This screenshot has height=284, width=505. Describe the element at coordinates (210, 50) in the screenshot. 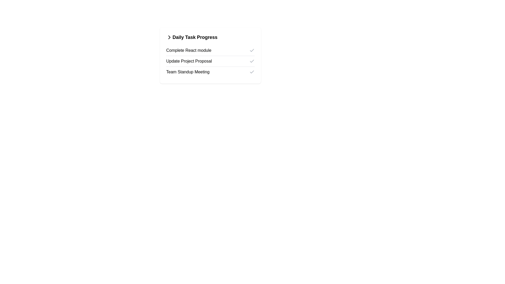

I see `the task list item labeled 'Complete React module'` at that location.